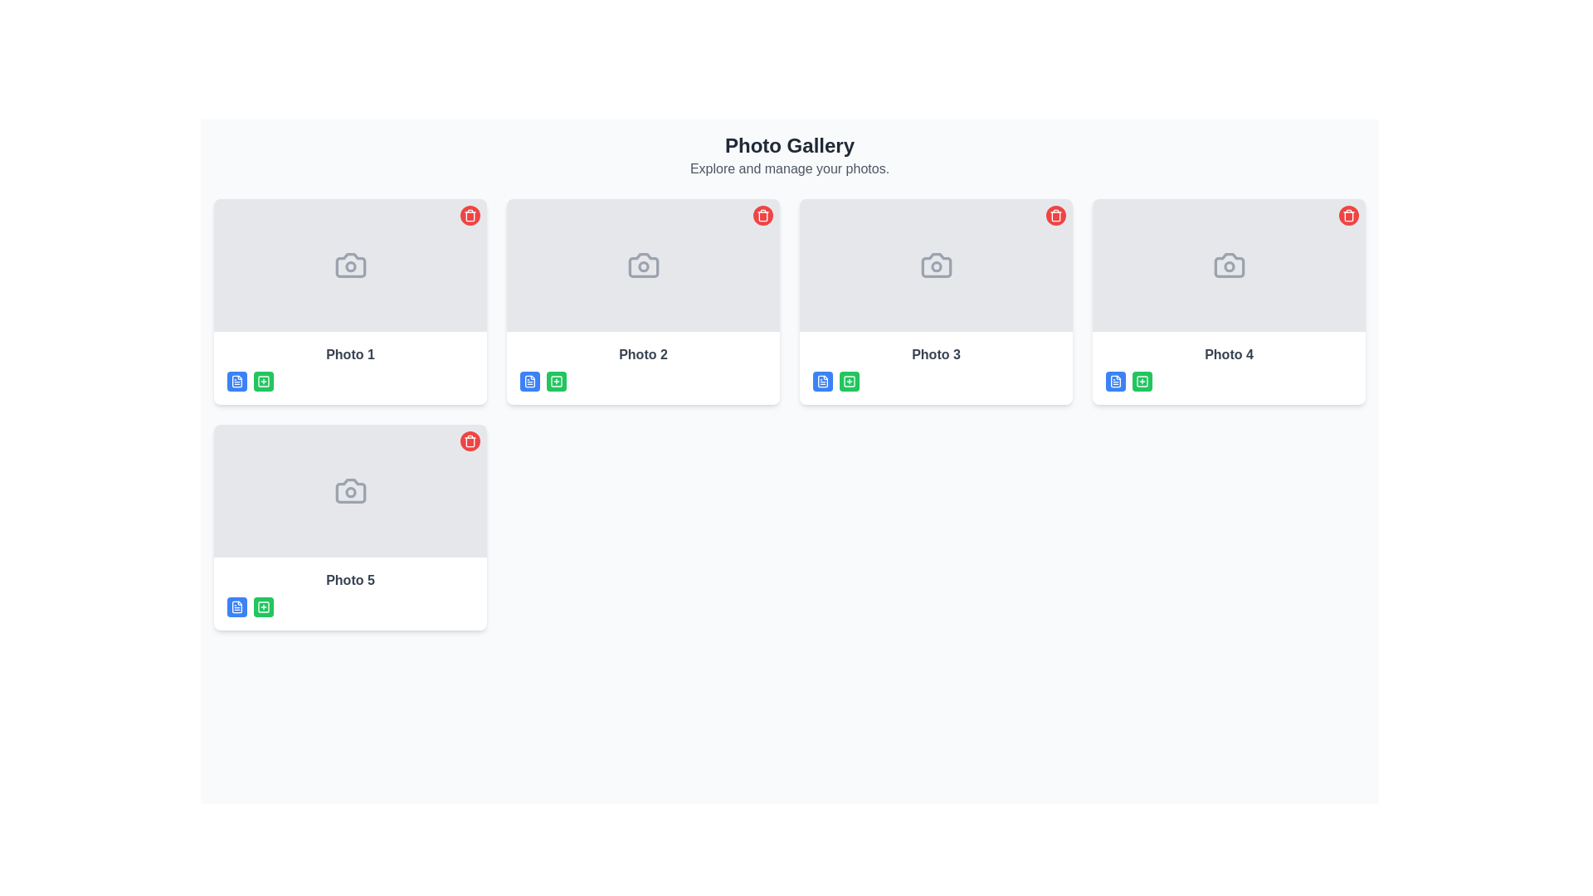 This screenshot has width=1593, height=896. I want to click on the camera icon with a gray outline located in the center of the 'Photo 3' card, so click(936, 265).